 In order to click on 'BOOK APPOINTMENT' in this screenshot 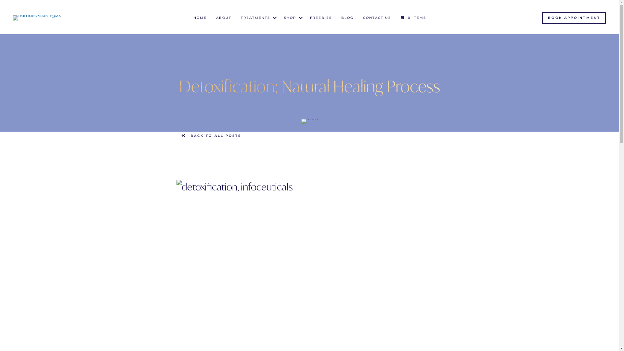, I will do `click(542, 17)`.